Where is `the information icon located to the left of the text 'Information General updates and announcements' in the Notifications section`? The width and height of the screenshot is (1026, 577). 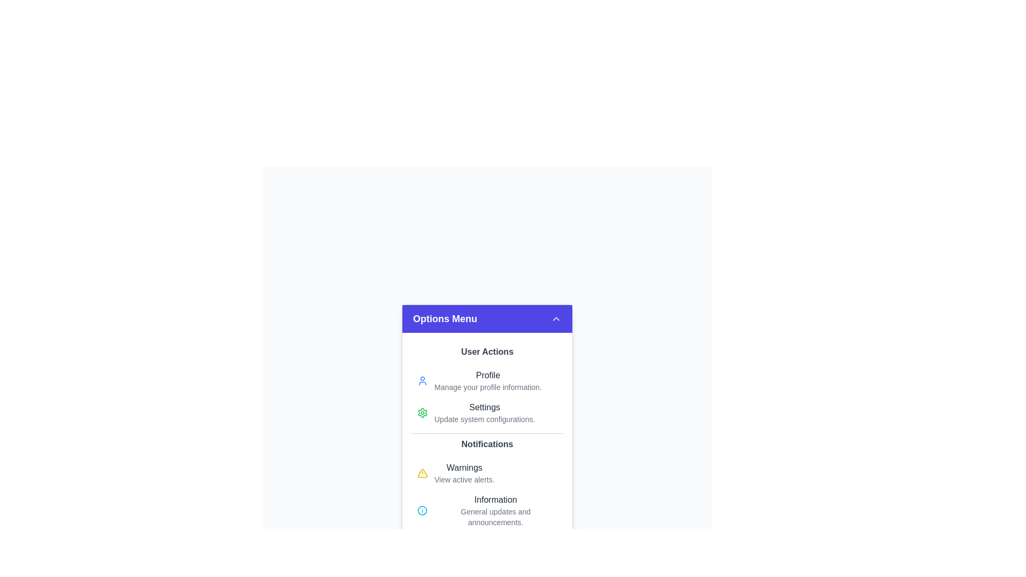 the information icon located to the left of the text 'Information General updates and announcements' in the Notifications section is located at coordinates (422, 510).